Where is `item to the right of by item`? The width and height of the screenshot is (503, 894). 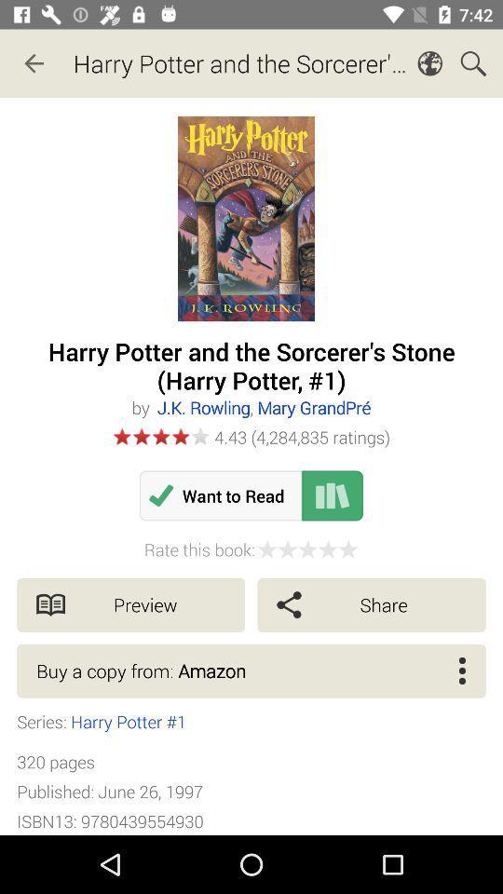
item to the right of by item is located at coordinates (263, 407).